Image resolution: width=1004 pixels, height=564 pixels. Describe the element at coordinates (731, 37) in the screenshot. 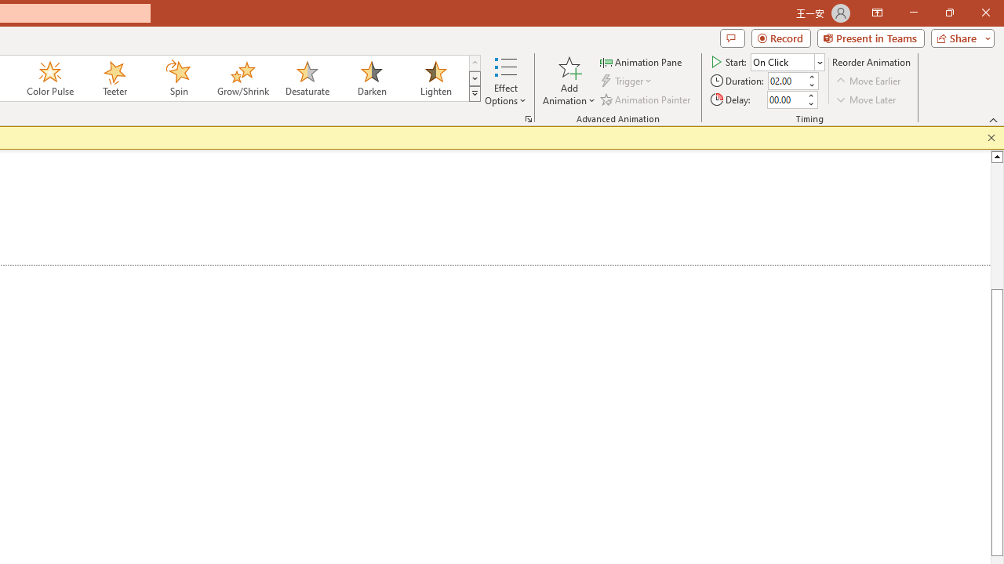

I see `'Comments'` at that location.